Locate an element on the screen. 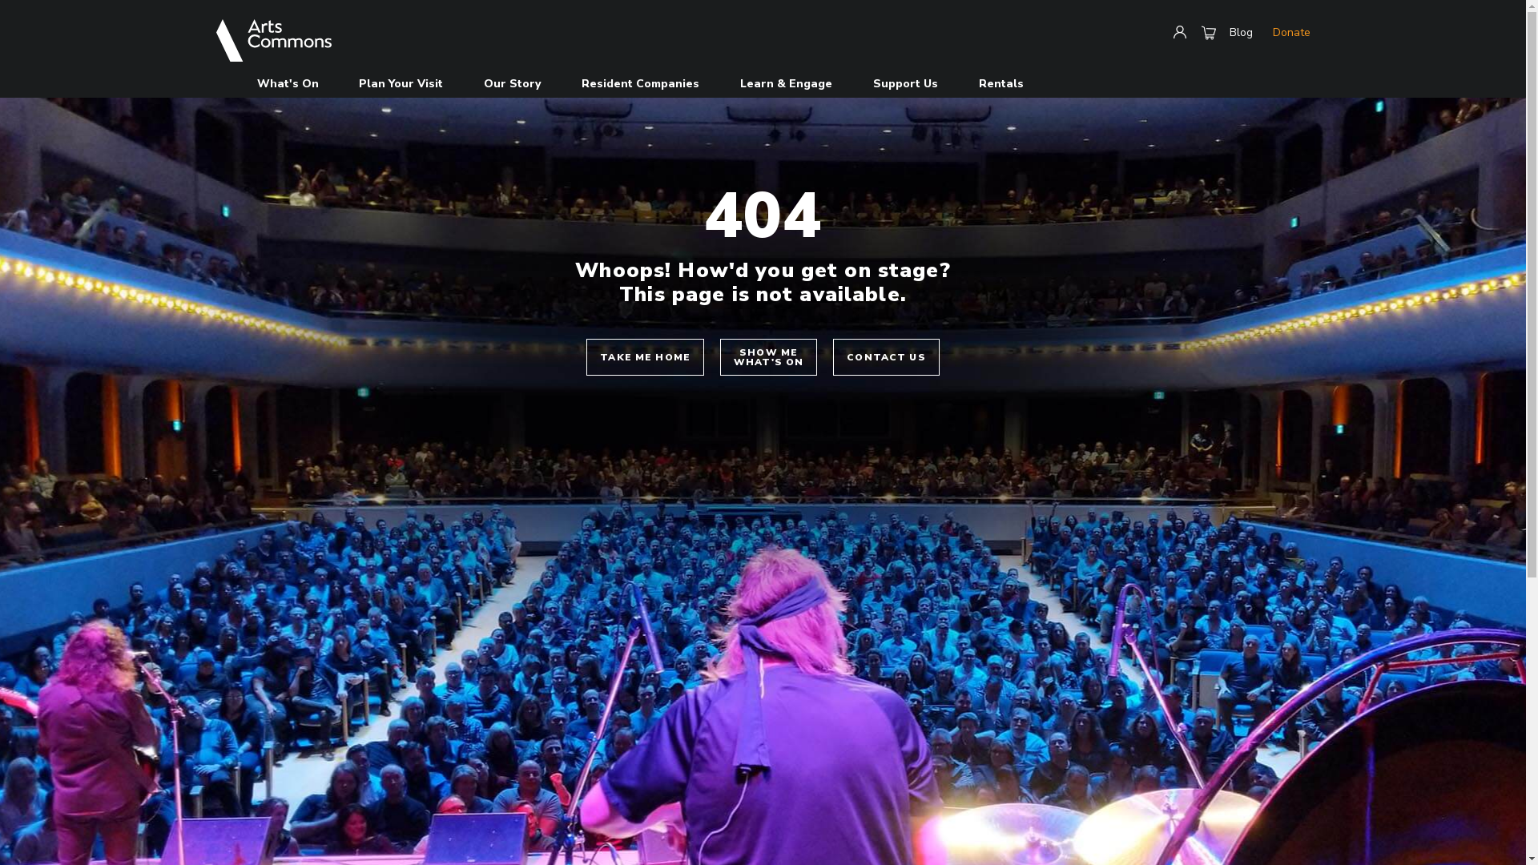 This screenshot has height=865, width=1538. 'CONTACT US' is located at coordinates (833, 356).